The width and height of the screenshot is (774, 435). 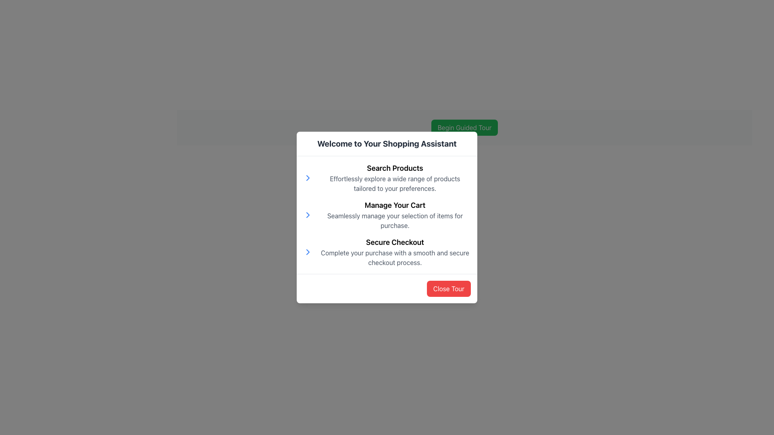 I want to click on description of the 'Search Products' text block, which includes a large heading and descriptive subtext, located in the first section of the centered modal box, so click(x=387, y=178).